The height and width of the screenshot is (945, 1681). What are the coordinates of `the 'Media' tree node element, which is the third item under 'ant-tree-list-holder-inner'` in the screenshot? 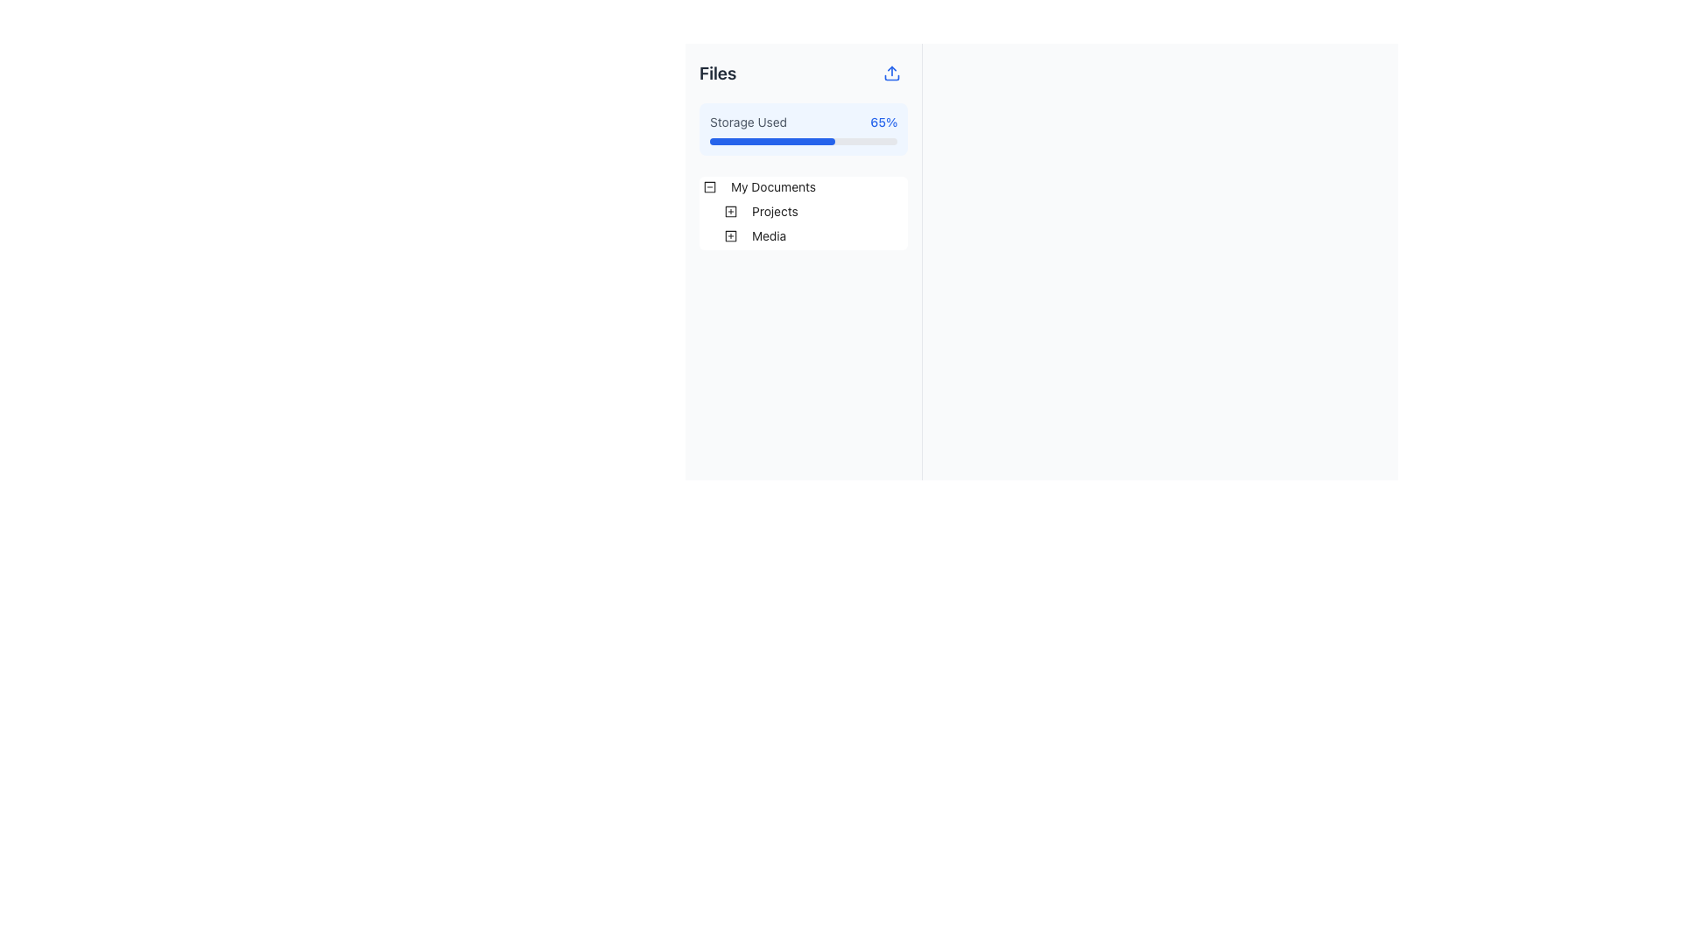 It's located at (746, 236).